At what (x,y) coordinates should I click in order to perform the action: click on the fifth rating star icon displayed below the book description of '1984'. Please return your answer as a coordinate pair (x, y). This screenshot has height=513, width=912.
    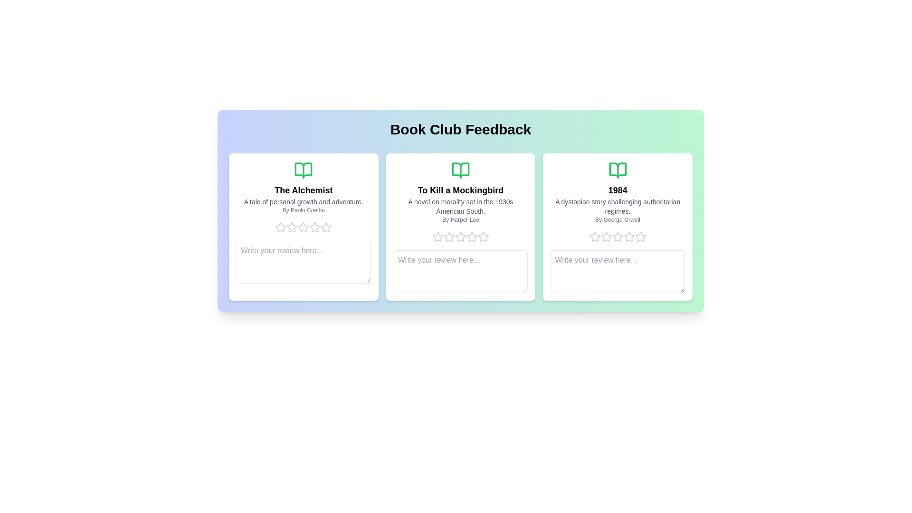
    Looking at the image, I should click on (629, 236).